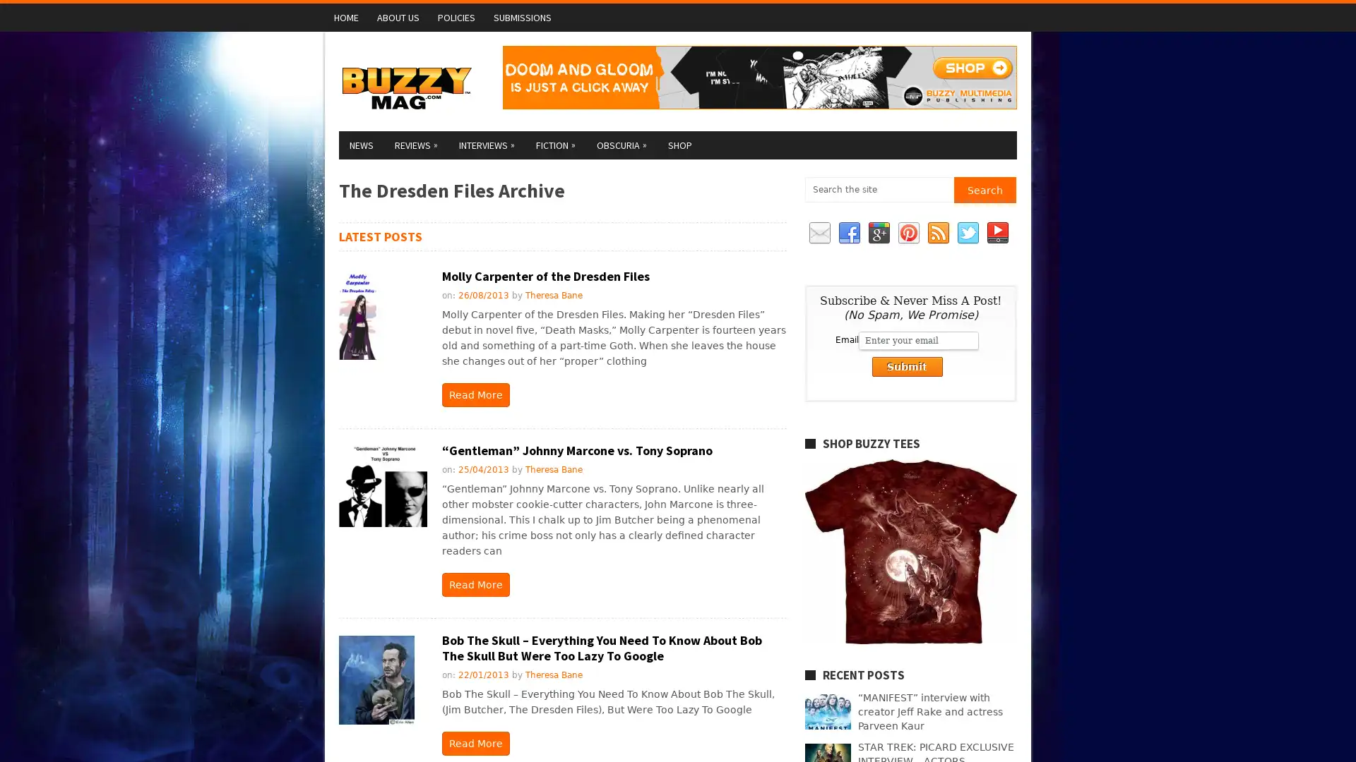 The image size is (1356, 762). What do you see at coordinates (984, 189) in the screenshot?
I see `Search` at bounding box center [984, 189].